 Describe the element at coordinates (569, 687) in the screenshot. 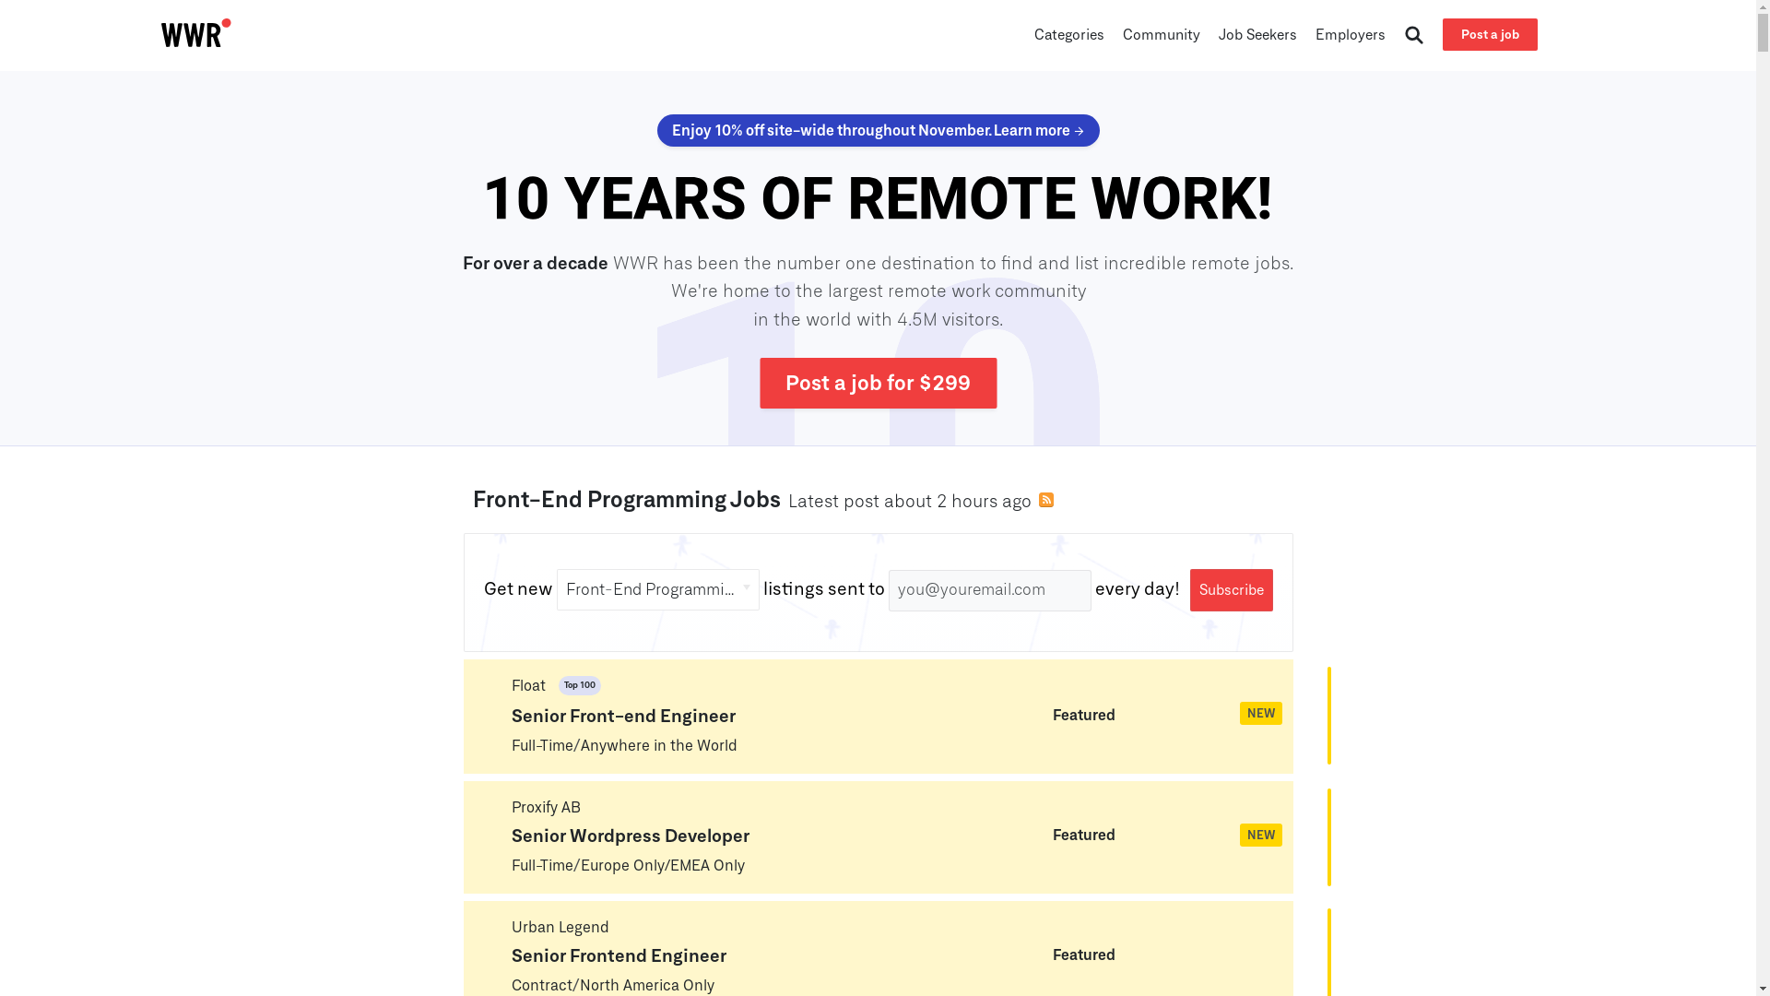

I see `'Top 100'` at that location.